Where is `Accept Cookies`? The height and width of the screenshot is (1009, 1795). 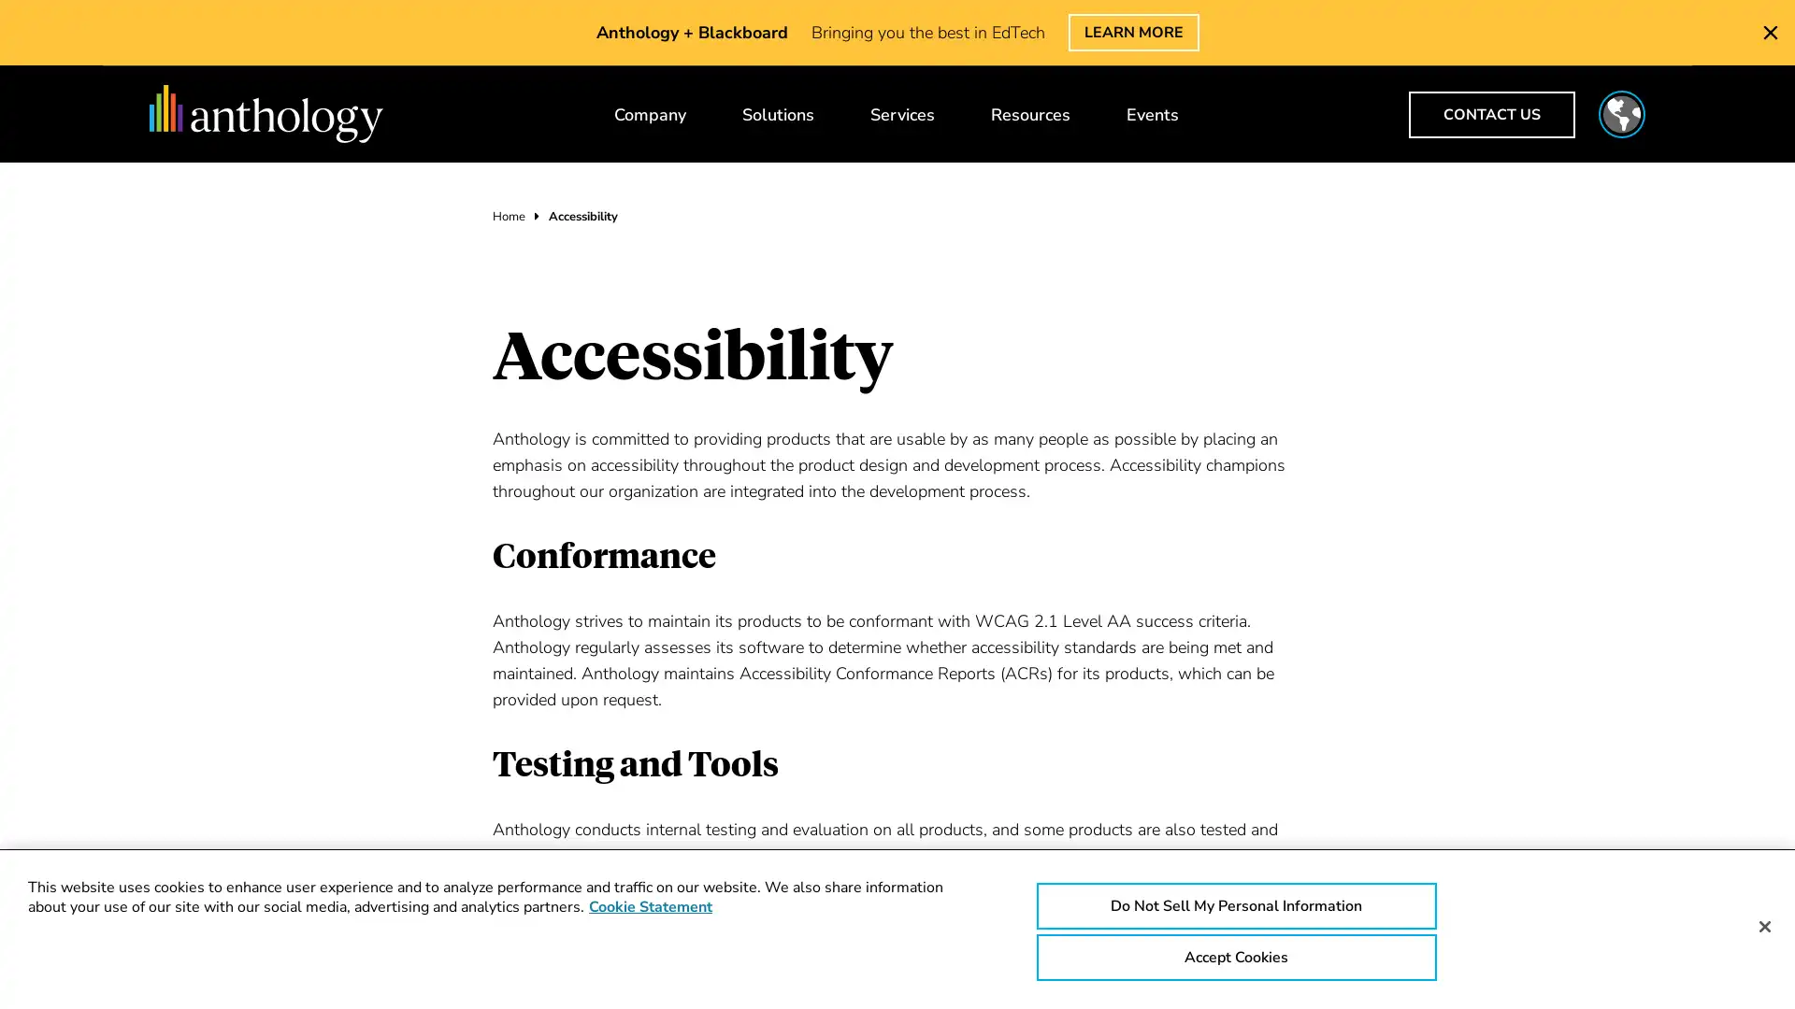
Accept Cookies is located at coordinates (1235, 958).